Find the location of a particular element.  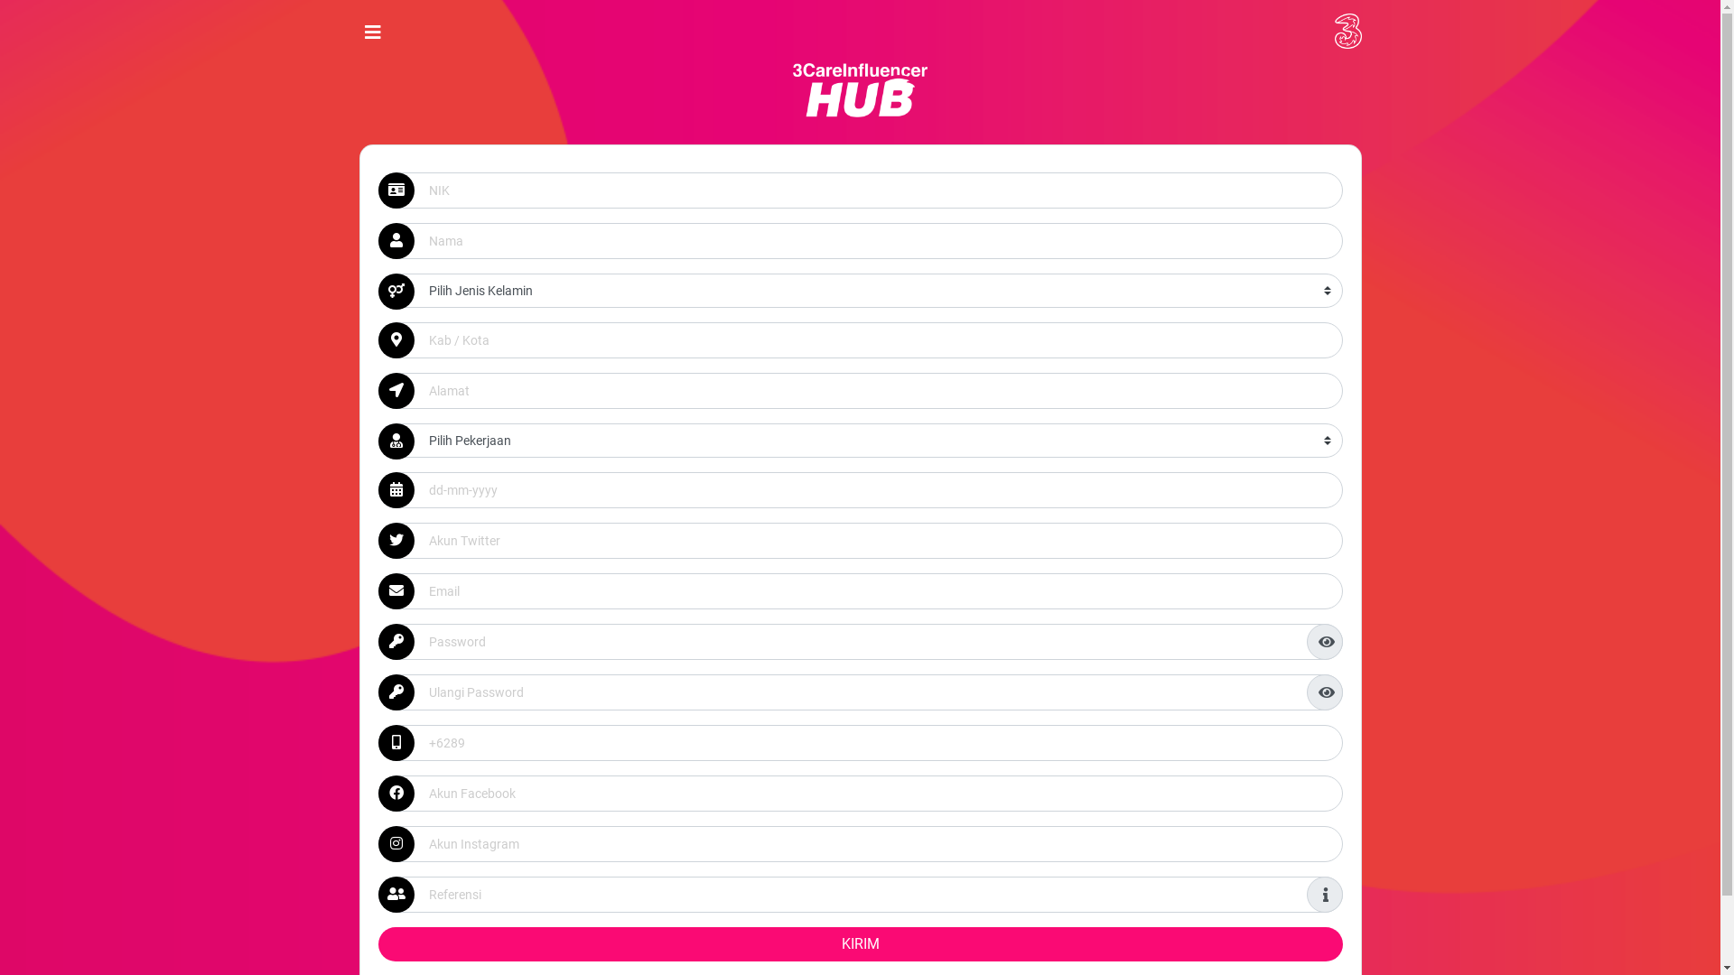

'KIRIM' is located at coordinates (858, 942).